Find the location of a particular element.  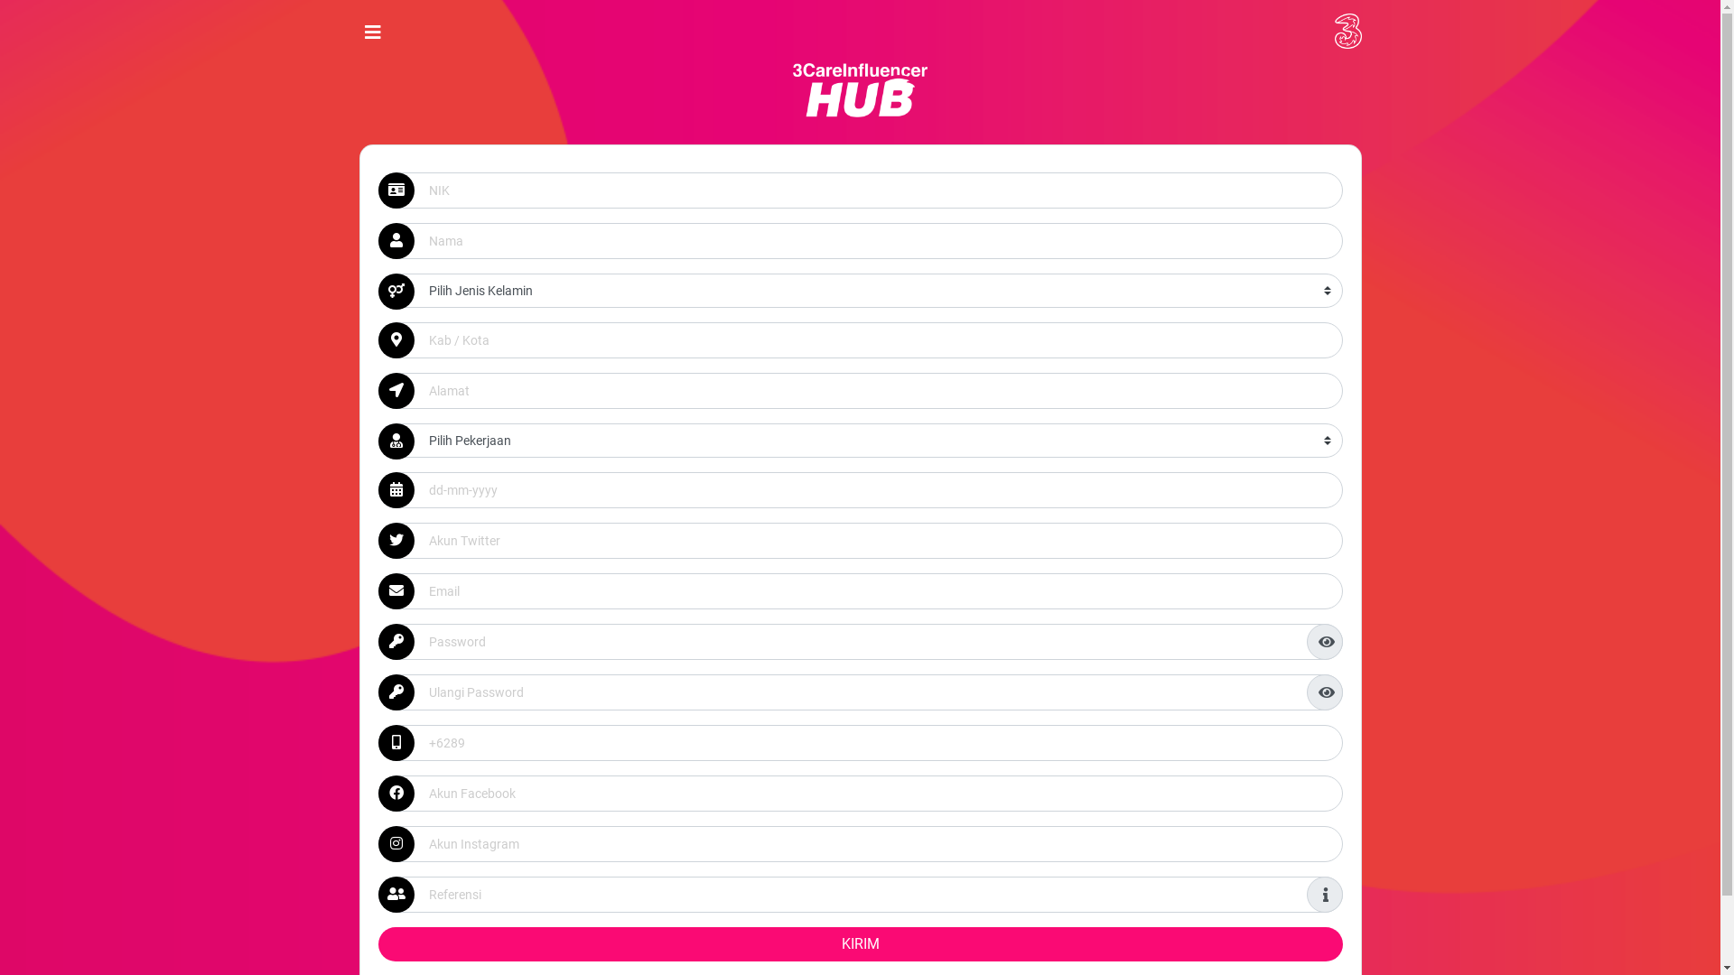

'KIRIM' is located at coordinates (858, 942).